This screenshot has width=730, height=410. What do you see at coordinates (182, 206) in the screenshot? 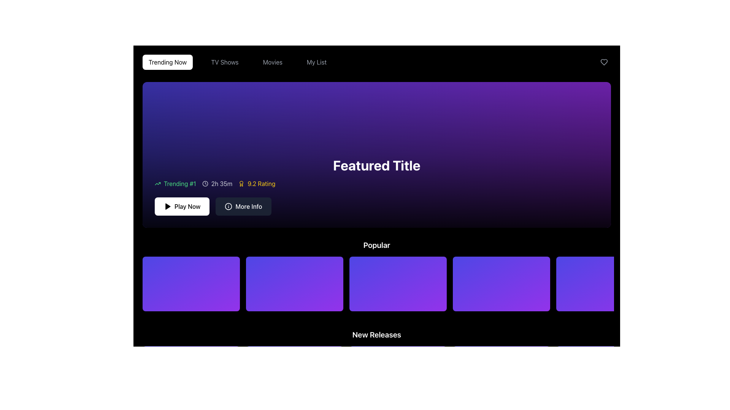
I see `the leftmost button in the header section of the featured media card` at bounding box center [182, 206].